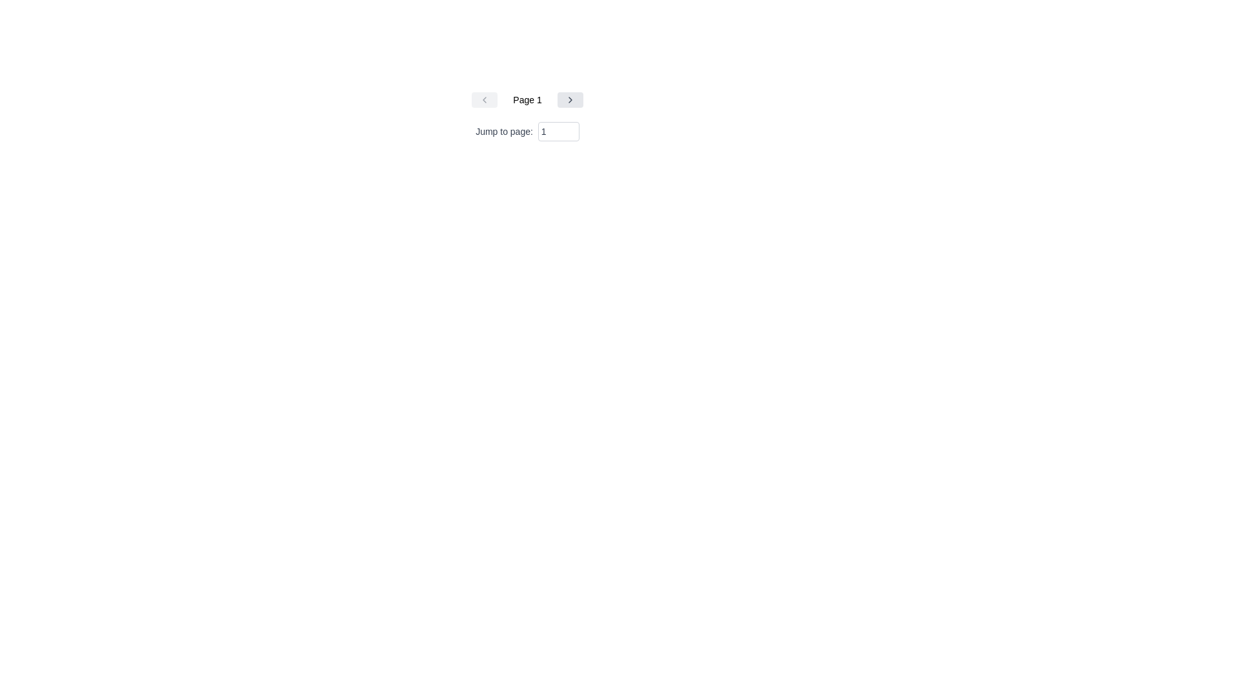 Image resolution: width=1239 pixels, height=697 pixels. What do you see at coordinates (484, 99) in the screenshot?
I see `the left-pointing arrow icon, which is located within a circular button with a light gray background` at bounding box center [484, 99].